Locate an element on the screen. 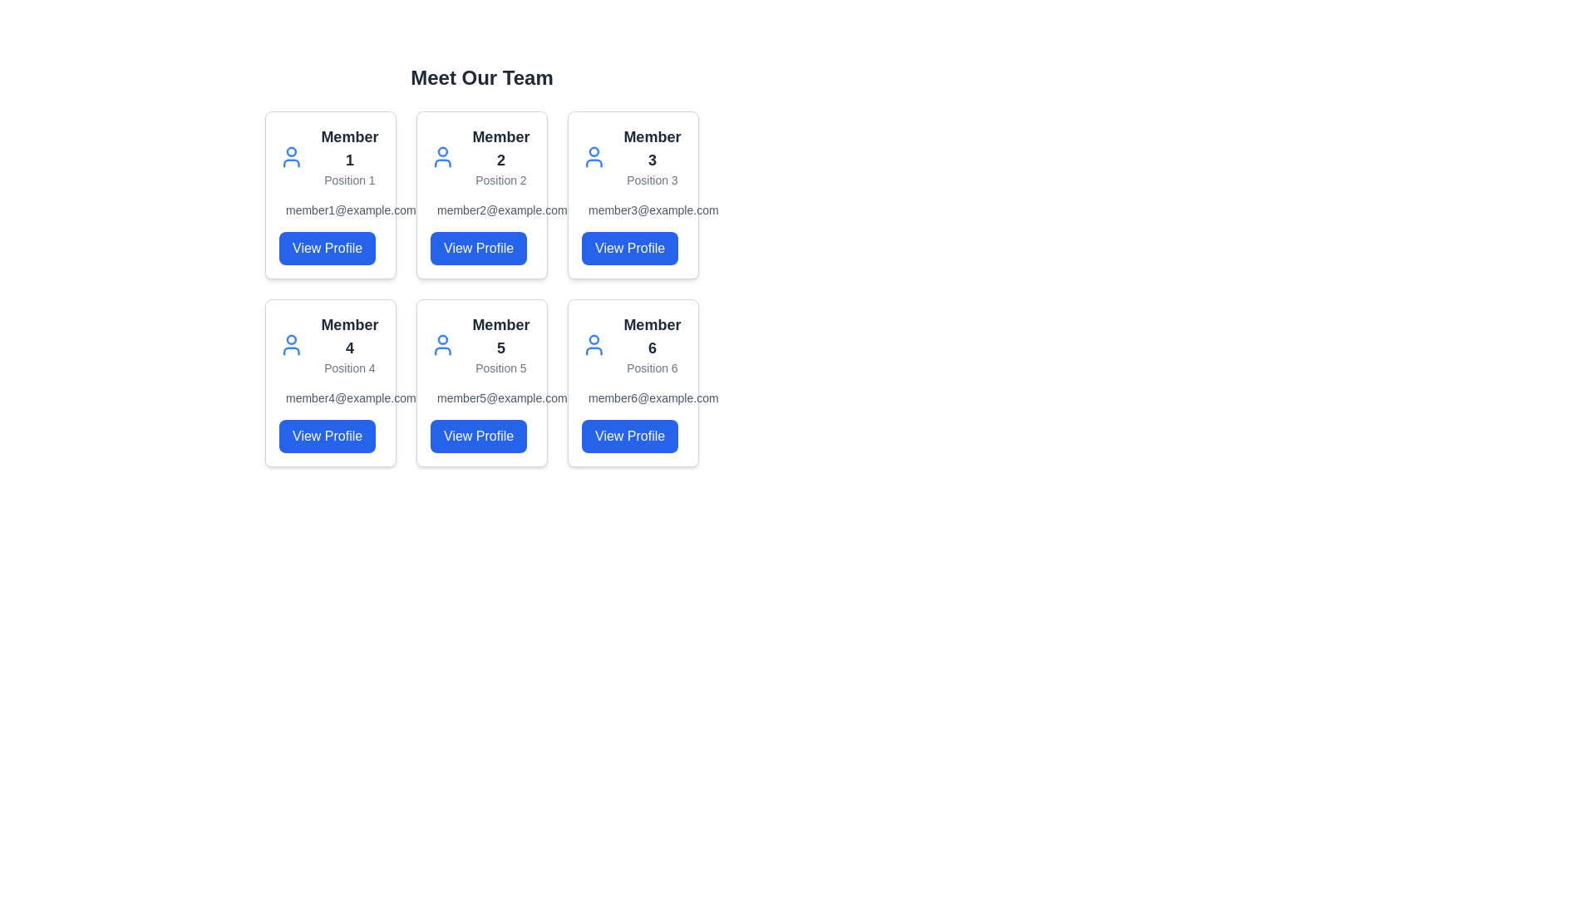  the circular head icon within the 'Meet Our Team' grid, specifically in the 'Member 3' card is located at coordinates (594, 151).